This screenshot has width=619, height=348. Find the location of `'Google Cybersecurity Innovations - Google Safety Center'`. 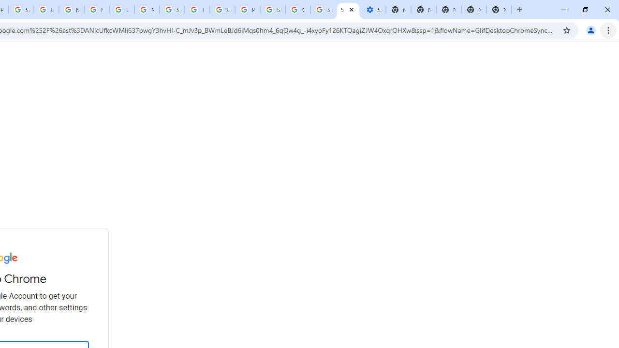

'Google Cybersecurity Innovations - Google Safety Center' is located at coordinates (297, 10).